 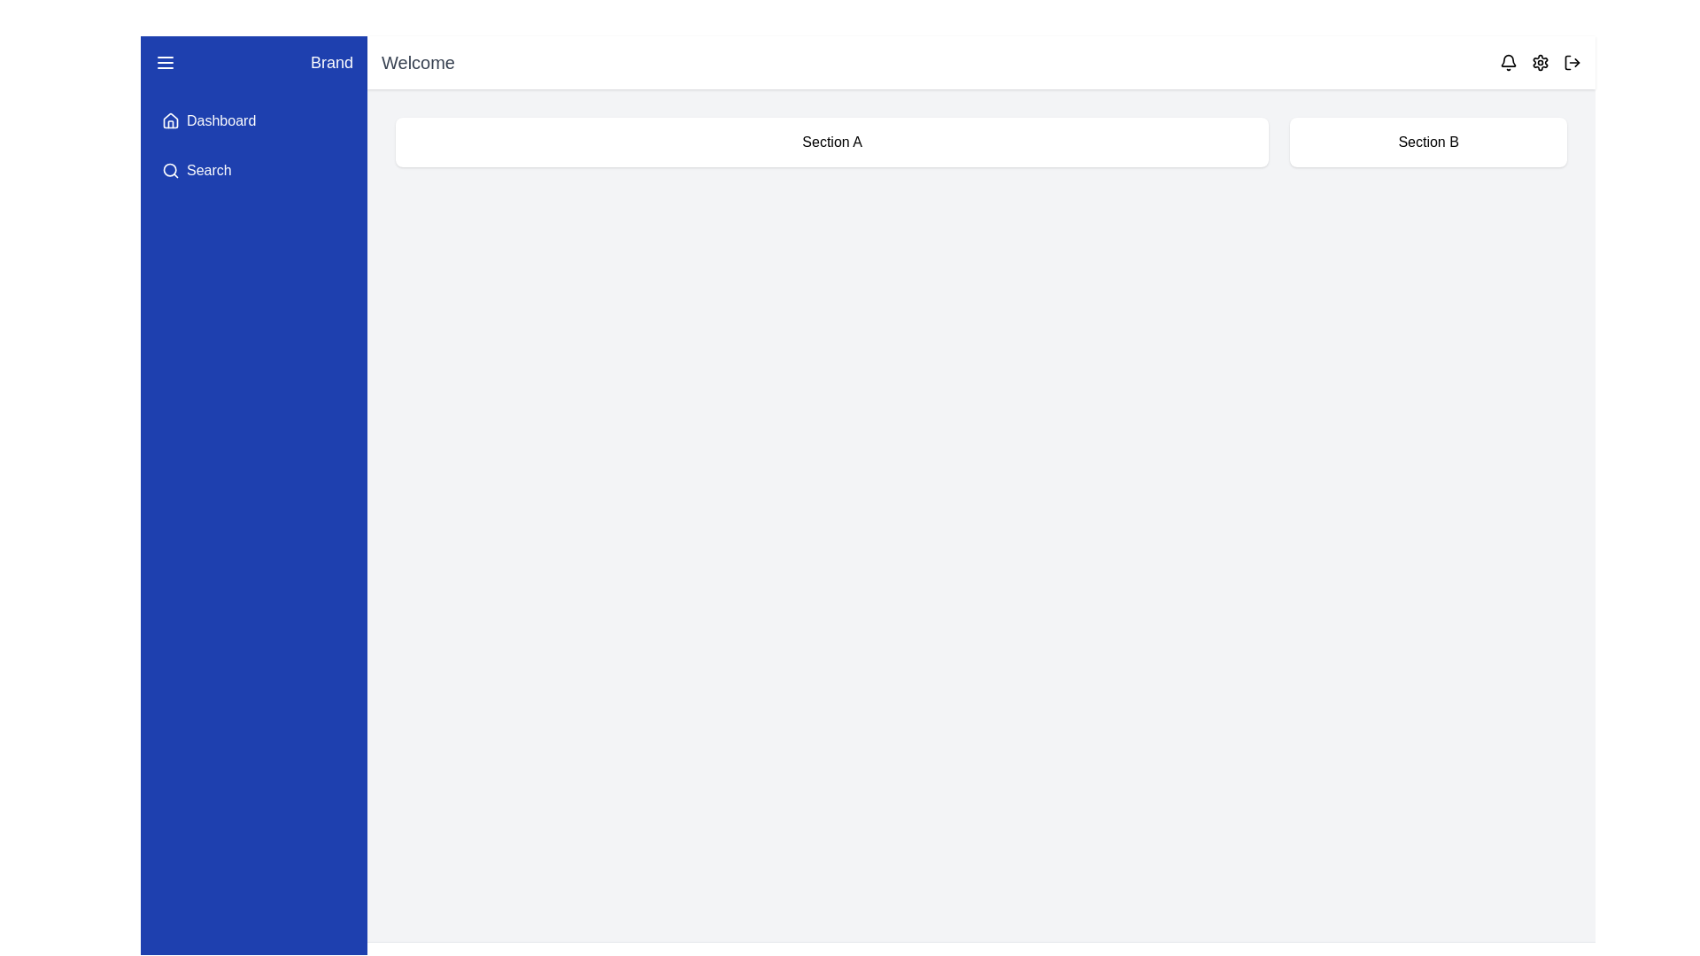 I want to click on the 'Dashboard' button in the left sidebar, so click(x=253, y=120).